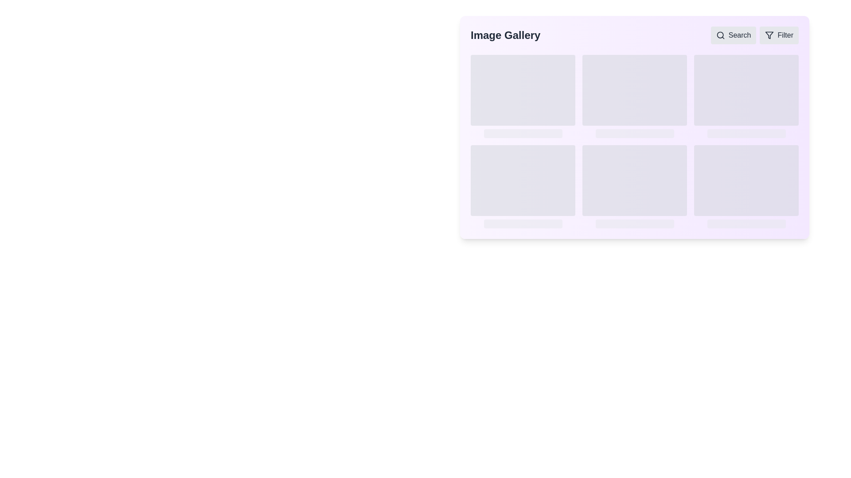 The height and width of the screenshot is (478, 851). What do you see at coordinates (634, 96) in the screenshot?
I see `the Placeholder element which consists of a larger light gray rounded rectangle at the top and a smaller darker gray rounded rectangle below, located as the second item in the first row of a three-column grid` at bounding box center [634, 96].